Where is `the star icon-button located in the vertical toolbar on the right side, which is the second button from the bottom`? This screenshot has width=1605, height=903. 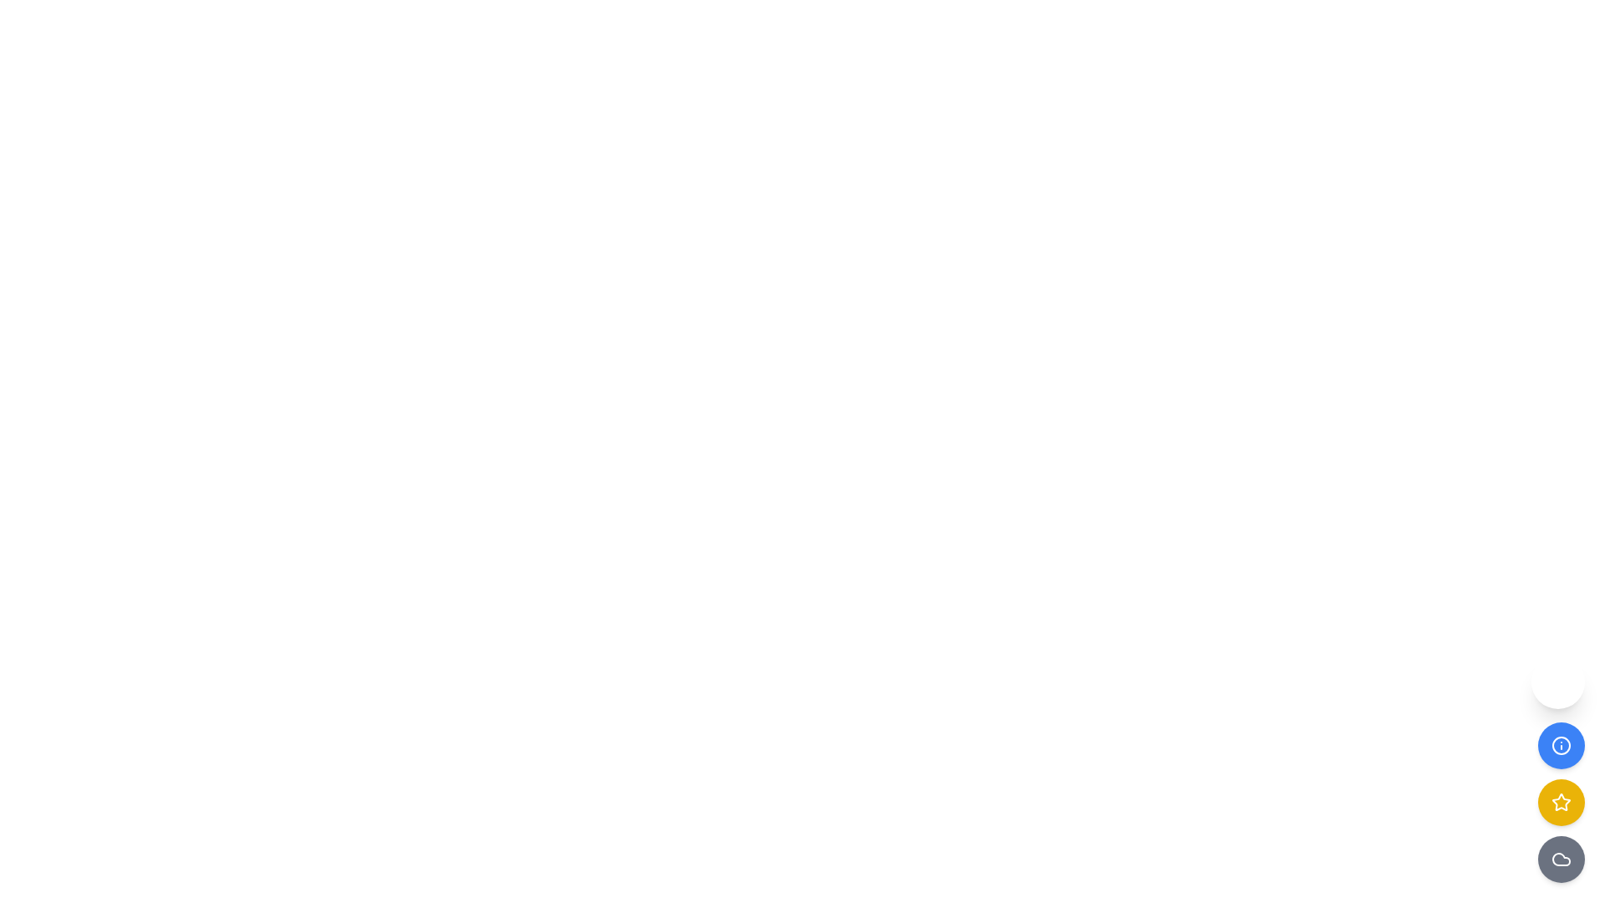
the star icon-button located in the vertical toolbar on the right side, which is the second button from the bottom is located at coordinates (1560, 801).